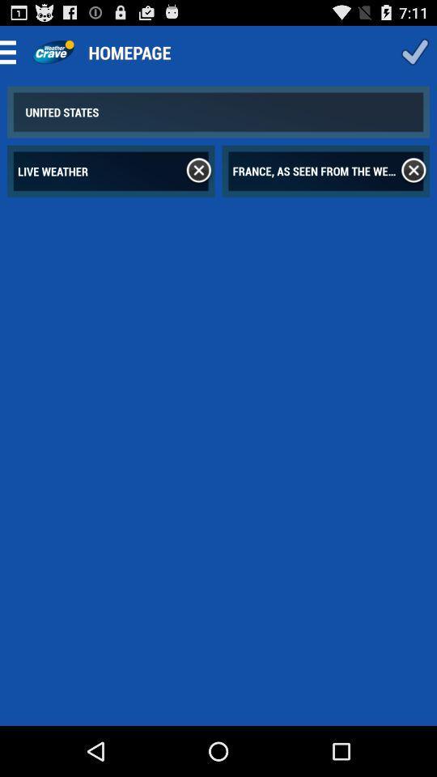  Describe the element at coordinates (53, 52) in the screenshot. I see `the icon next to the homepage item` at that location.